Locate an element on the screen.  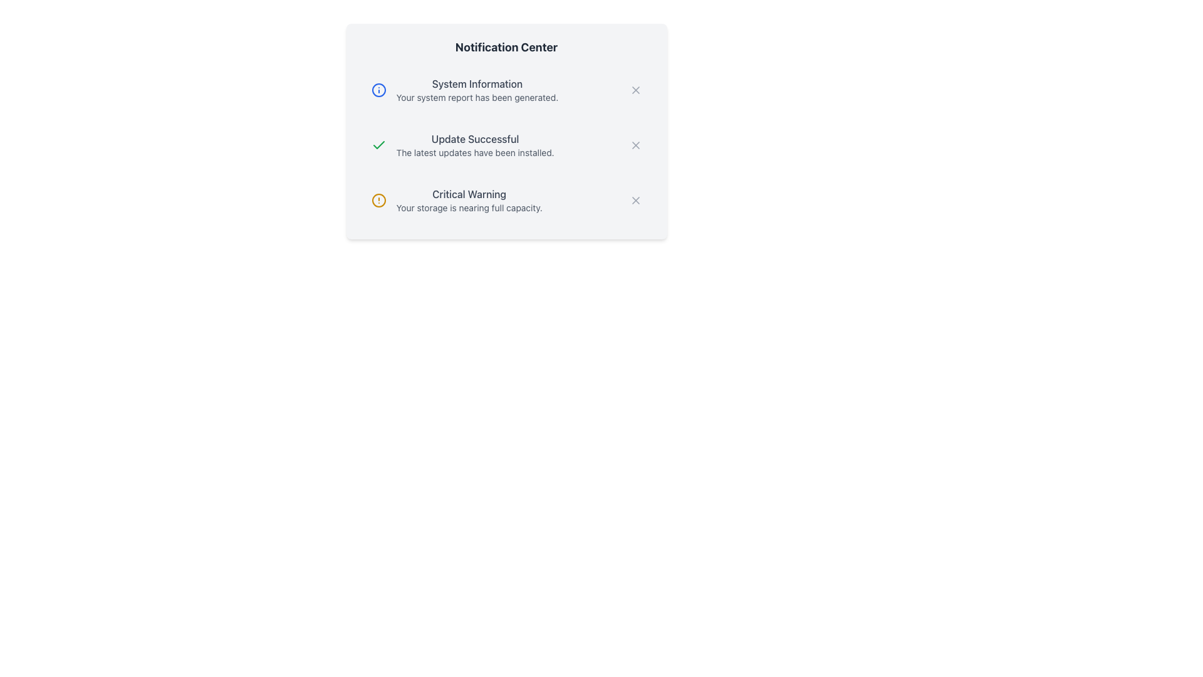
the 'X'-shaped button at the far-right end of the row containing the 'Critical Warning' message is located at coordinates (635, 200).